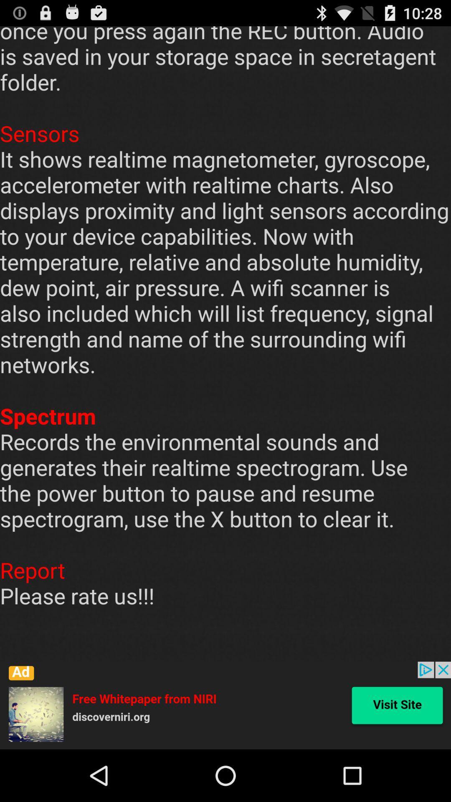 The image size is (451, 802). Describe the element at coordinates (225, 705) in the screenshot. I see `open advertisement` at that location.